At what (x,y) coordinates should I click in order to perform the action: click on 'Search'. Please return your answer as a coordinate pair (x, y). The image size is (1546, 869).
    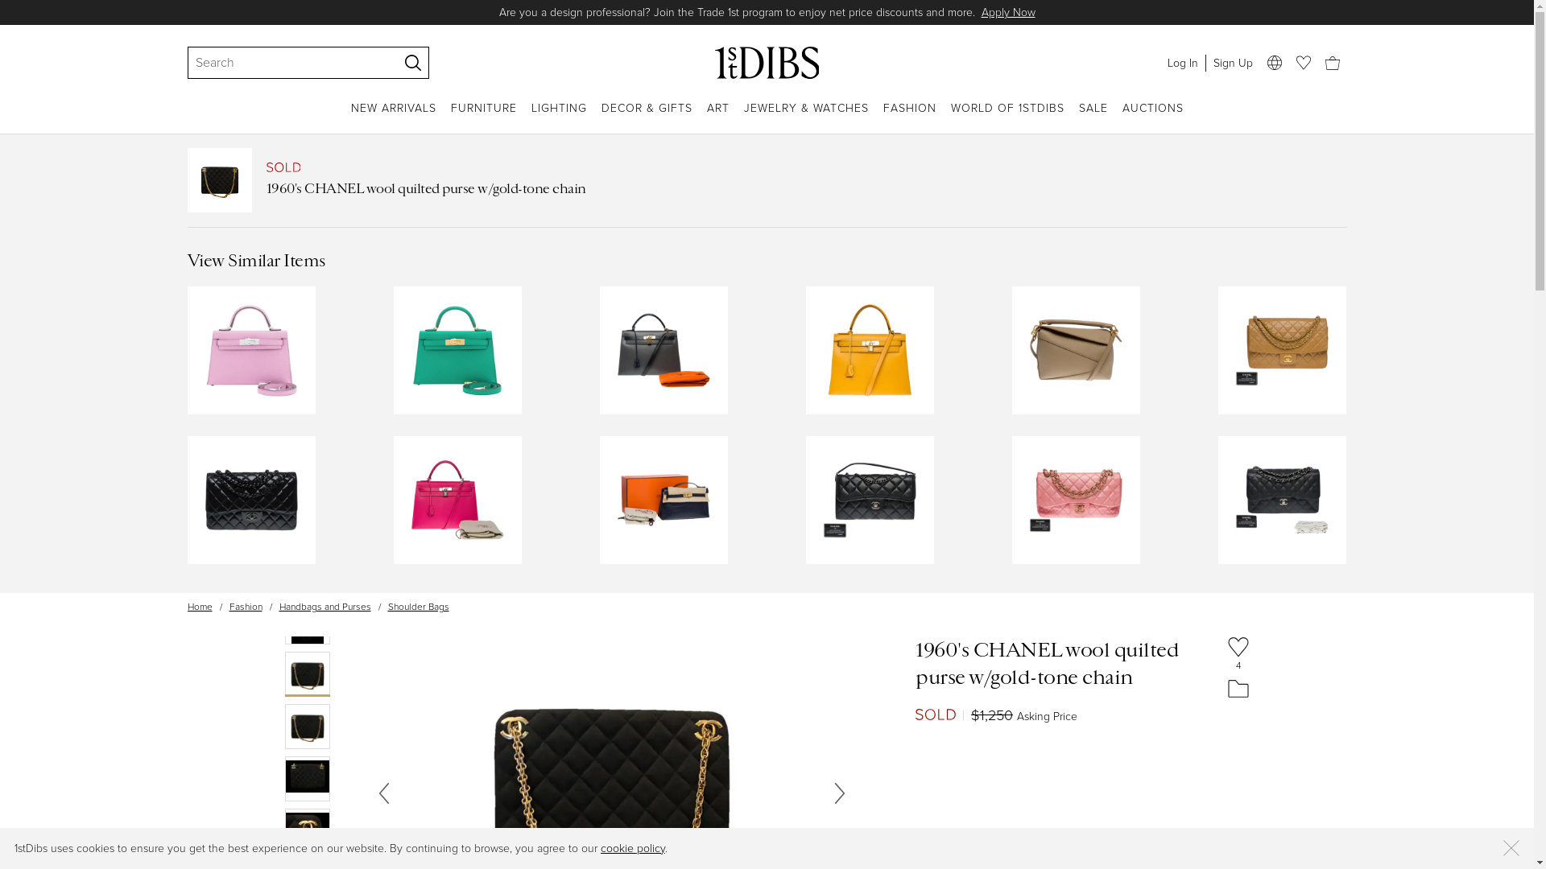
    Looking at the image, I should click on (193, 61).